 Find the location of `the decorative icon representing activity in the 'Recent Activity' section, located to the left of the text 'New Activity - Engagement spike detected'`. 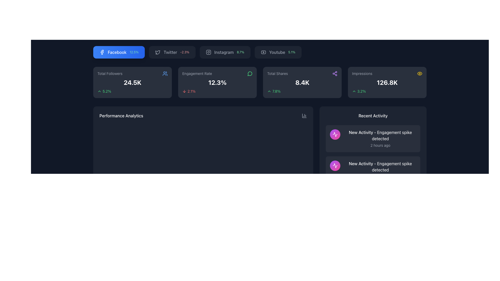

the decorative icon representing activity in the 'Recent Activity' section, located to the left of the text 'New Activity - Engagement spike detected' is located at coordinates (335, 134).